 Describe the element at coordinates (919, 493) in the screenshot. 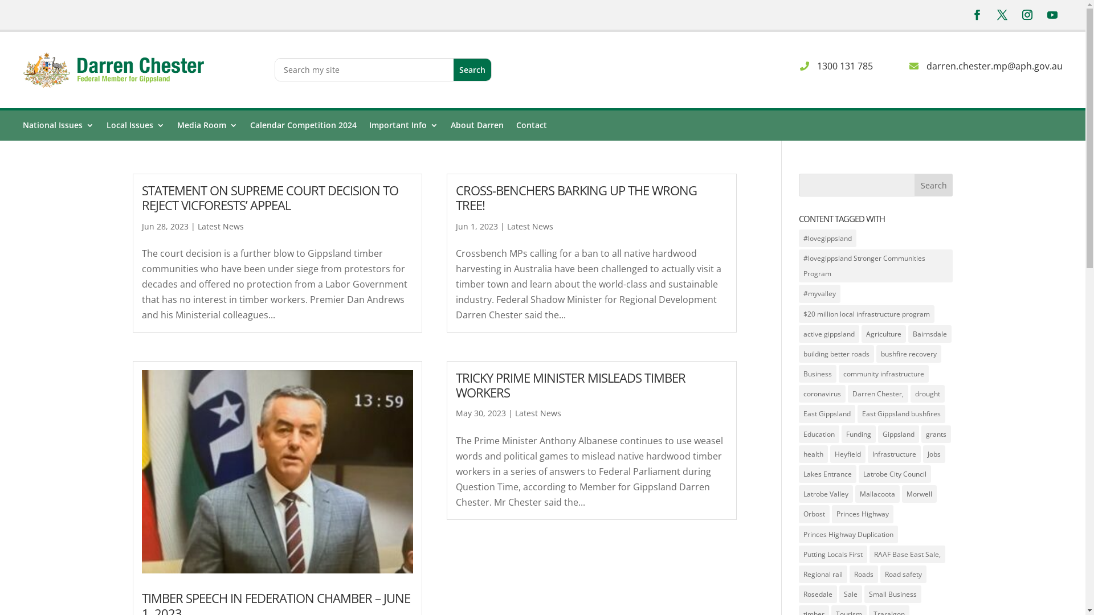

I see `'Morwell'` at that location.